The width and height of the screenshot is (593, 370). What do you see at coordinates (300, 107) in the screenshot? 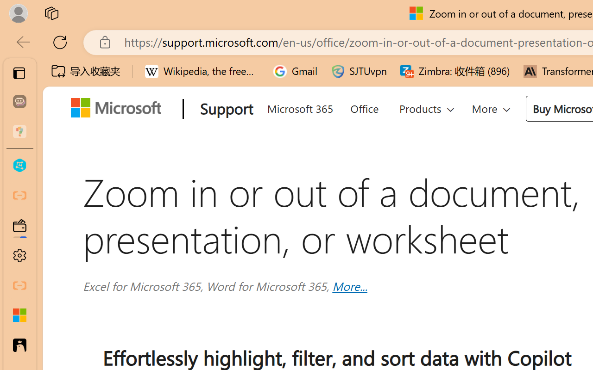
I see `'Microsoft 365'` at bounding box center [300, 107].